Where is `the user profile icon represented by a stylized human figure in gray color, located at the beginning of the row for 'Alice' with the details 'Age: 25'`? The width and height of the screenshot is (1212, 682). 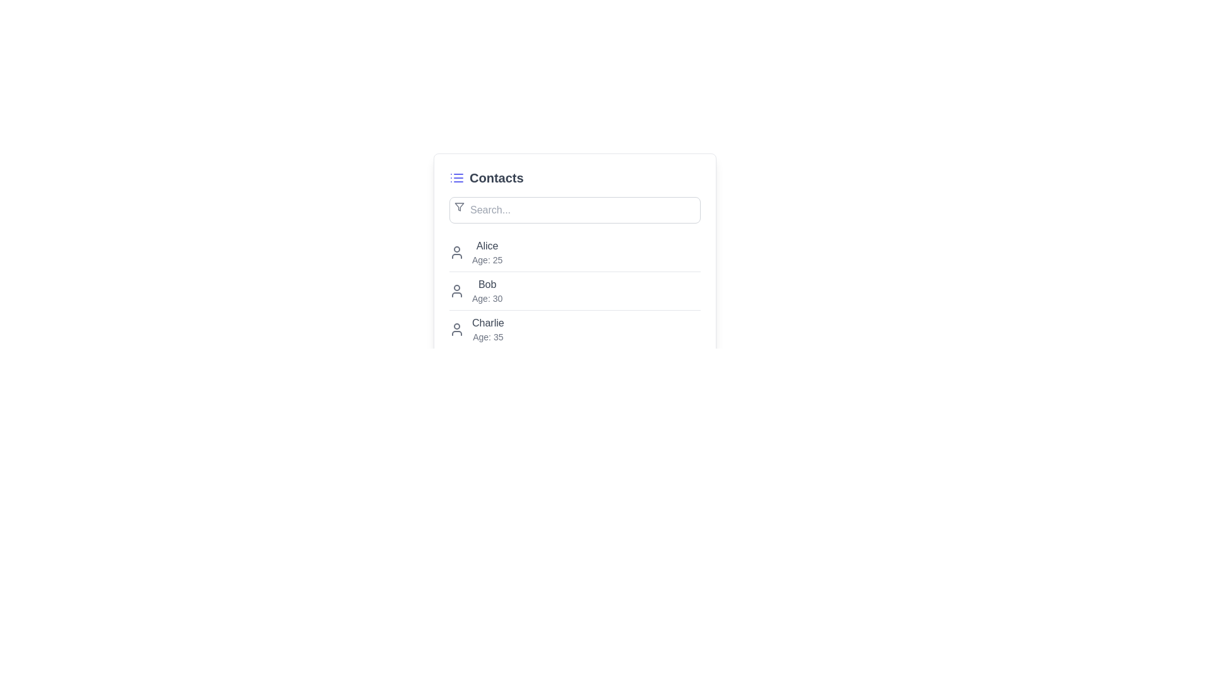
the user profile icon represented by a stylized human figure in gray color, located at the beginning of the row for 'Alice' with the details 'Age: 25' is located at coordinates (456, 253).